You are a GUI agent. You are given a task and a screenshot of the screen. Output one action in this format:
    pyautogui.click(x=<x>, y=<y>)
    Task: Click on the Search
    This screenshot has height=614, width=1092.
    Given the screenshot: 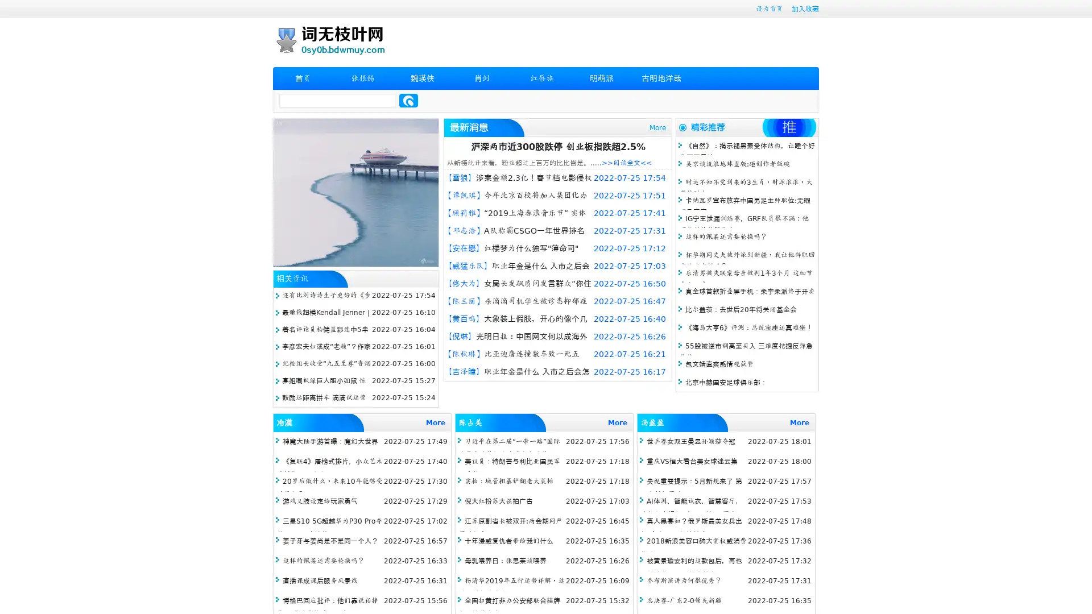 What is the action you would take?
    pyautogui.click(x=408, y=100)
    